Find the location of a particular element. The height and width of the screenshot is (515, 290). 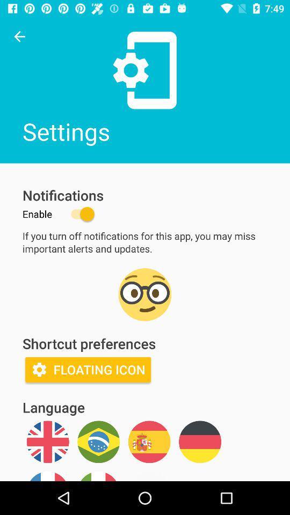

the national_flag icon is located at coordinates (149, 442).